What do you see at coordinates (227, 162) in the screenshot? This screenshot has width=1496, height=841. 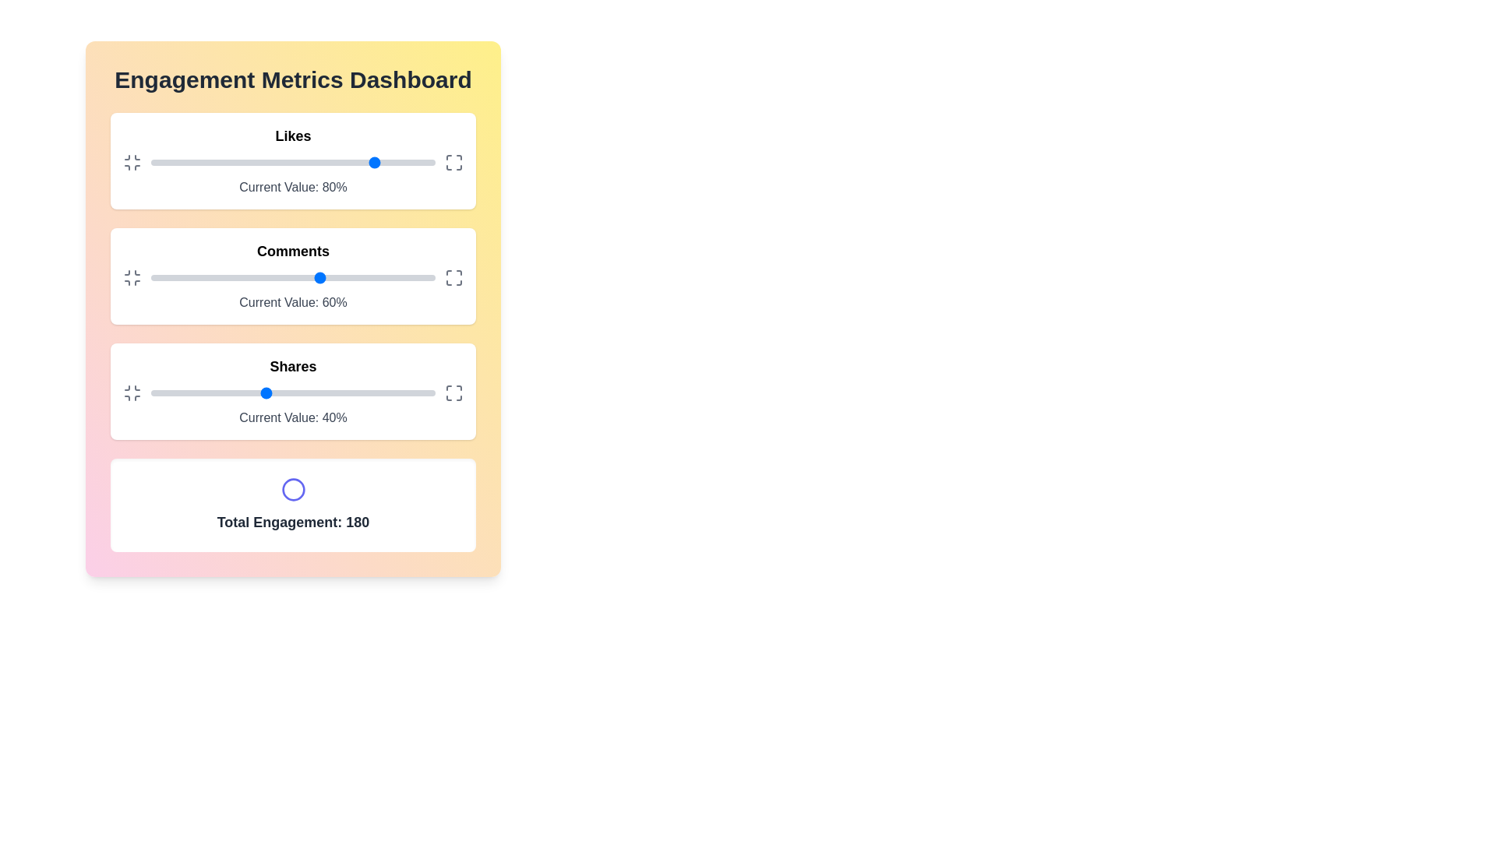 I see `the likes slider` at bounding box center [227, 162].